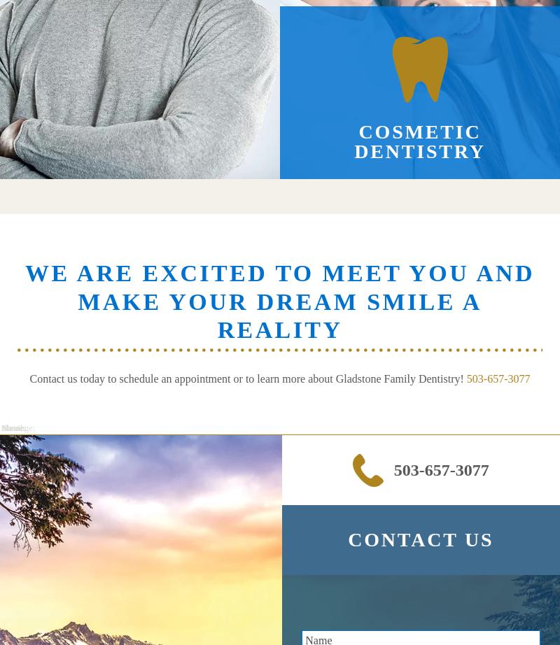 The image size is (560, 645). Describe the element at coordinates (18, 428) in the screenshot. I see `'Message:'` at that location.